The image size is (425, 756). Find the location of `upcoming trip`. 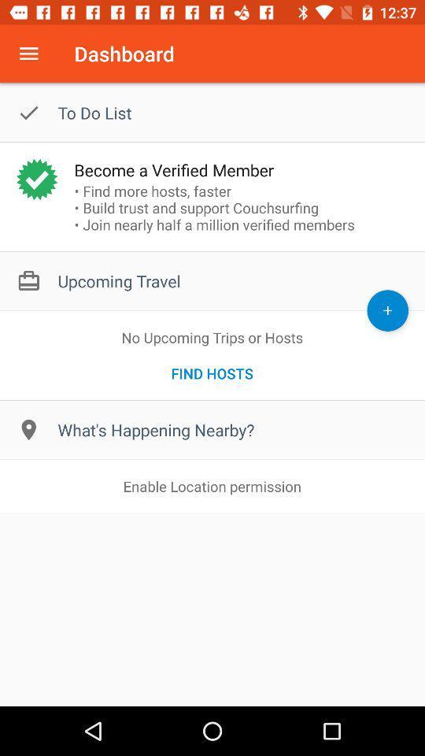

upcoming trip is located at coordinates (386, 309).